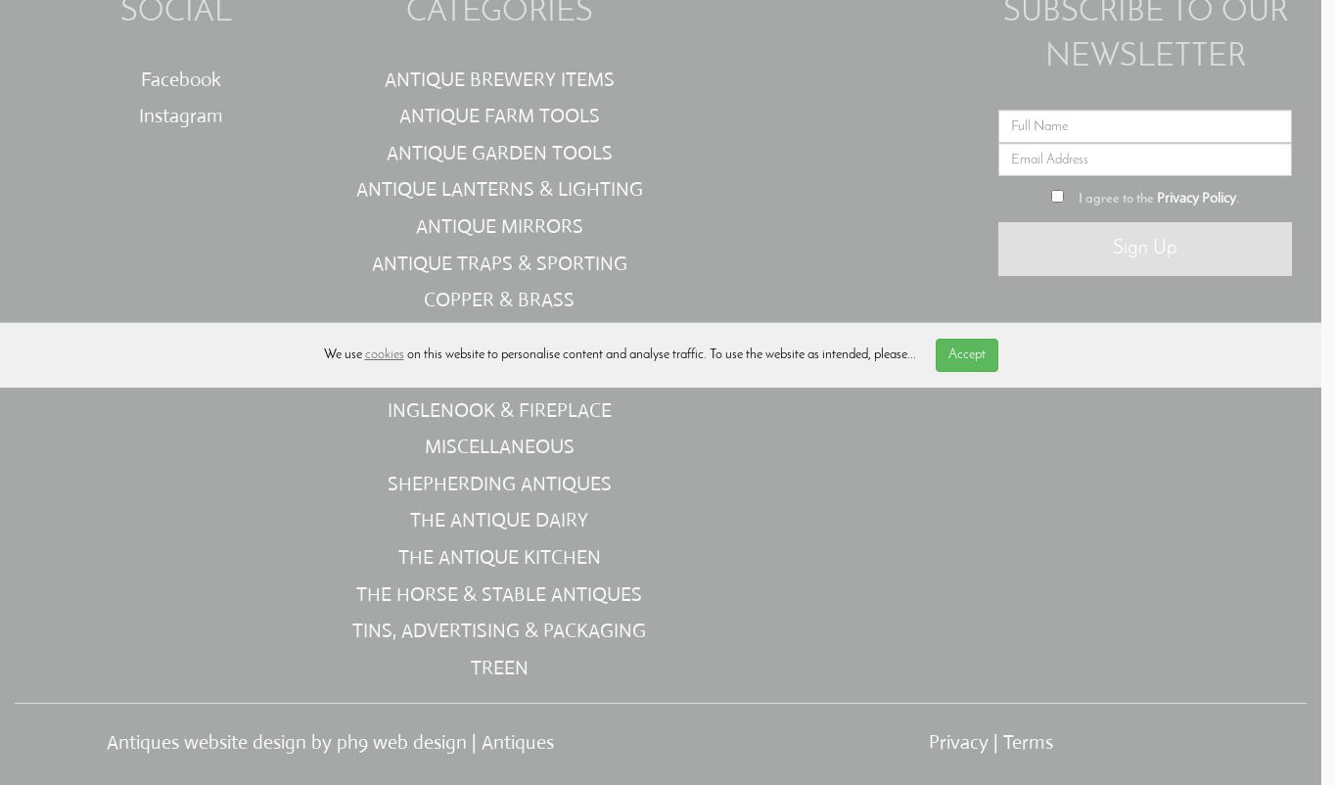  What do you see at coordinates (384, 353) in the screenshot?
I see `'cookies'` at bounding box center [384, 353].